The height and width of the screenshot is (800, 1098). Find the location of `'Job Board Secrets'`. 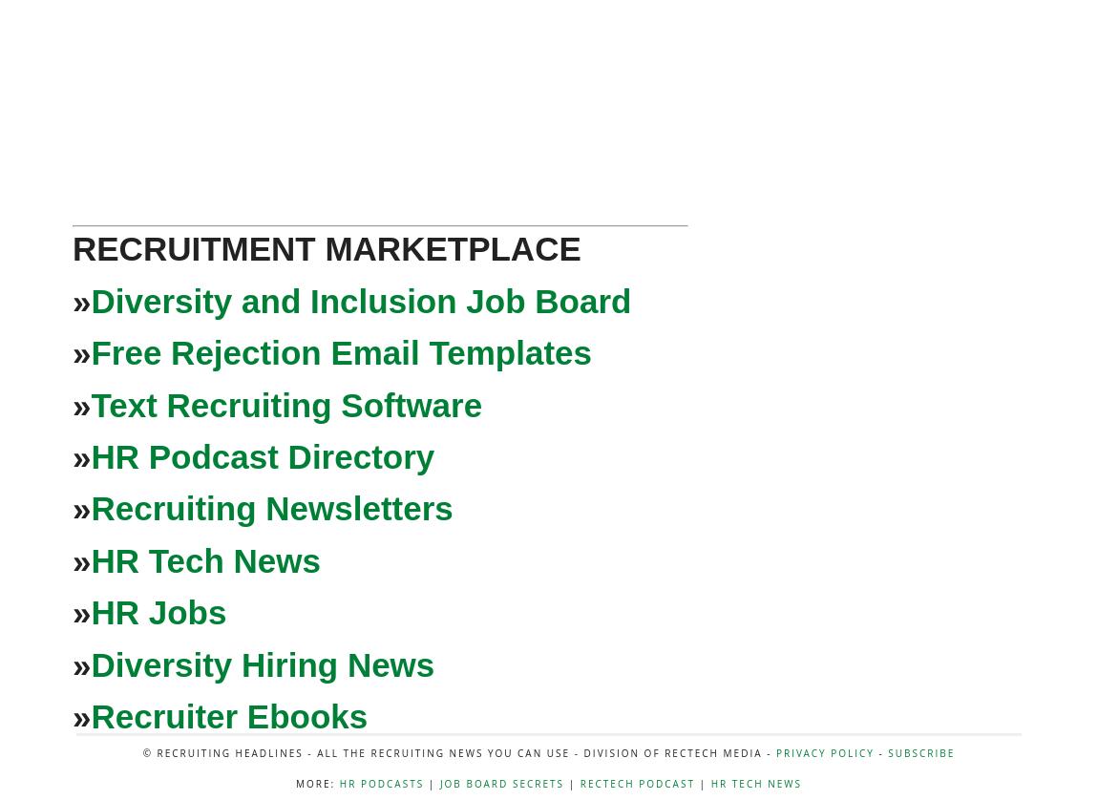

'Job Board Secrets' is located at coordinates (439, 781).